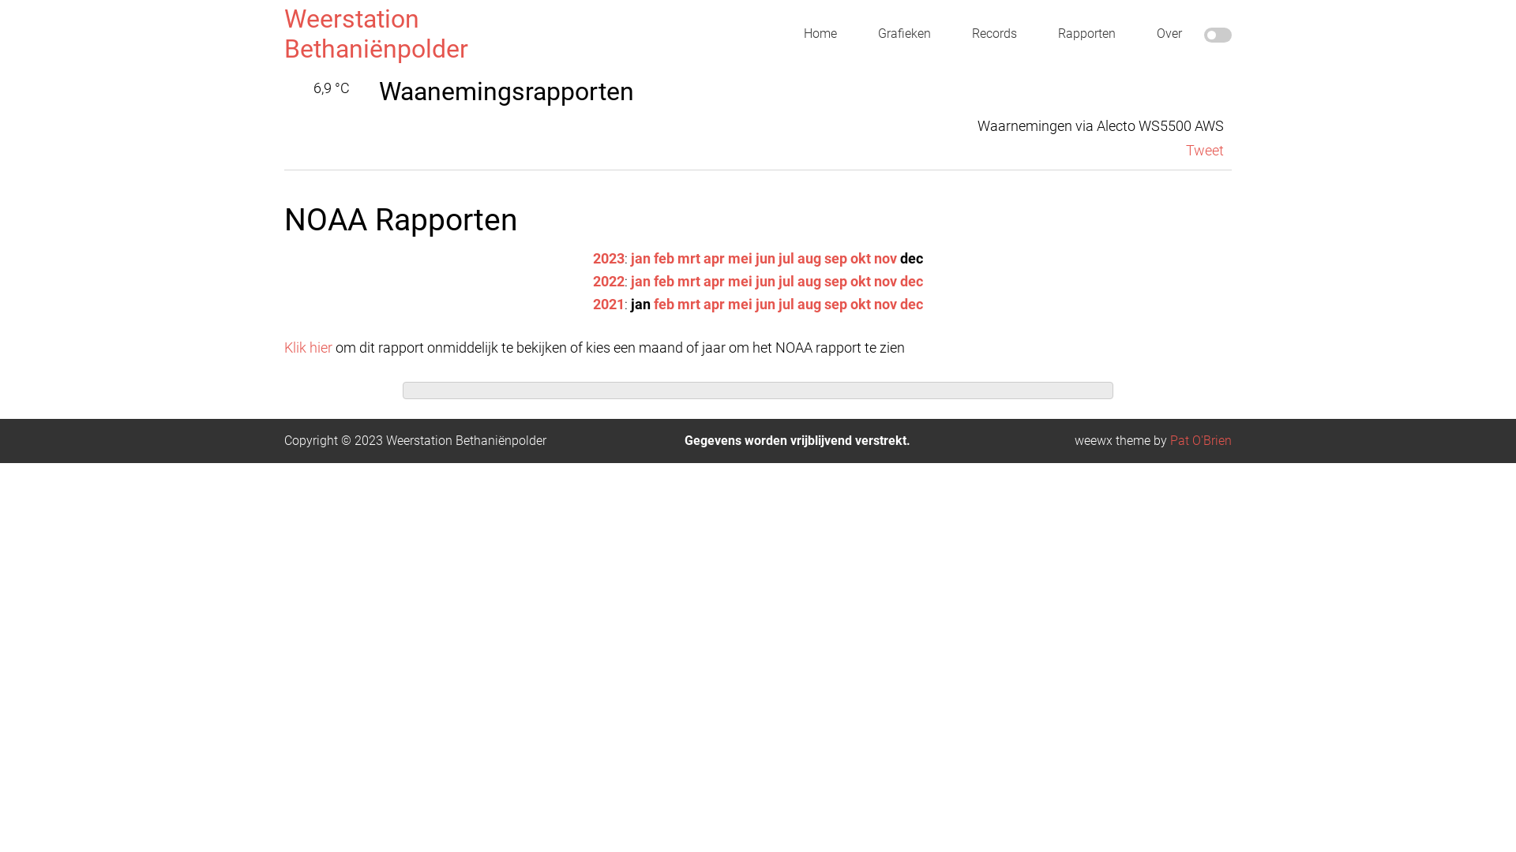 This screenshot has width=1516, height=852. Describe the element at coordinates (904, 33) in the screenshot. I see `'Grafieken'` at that location.